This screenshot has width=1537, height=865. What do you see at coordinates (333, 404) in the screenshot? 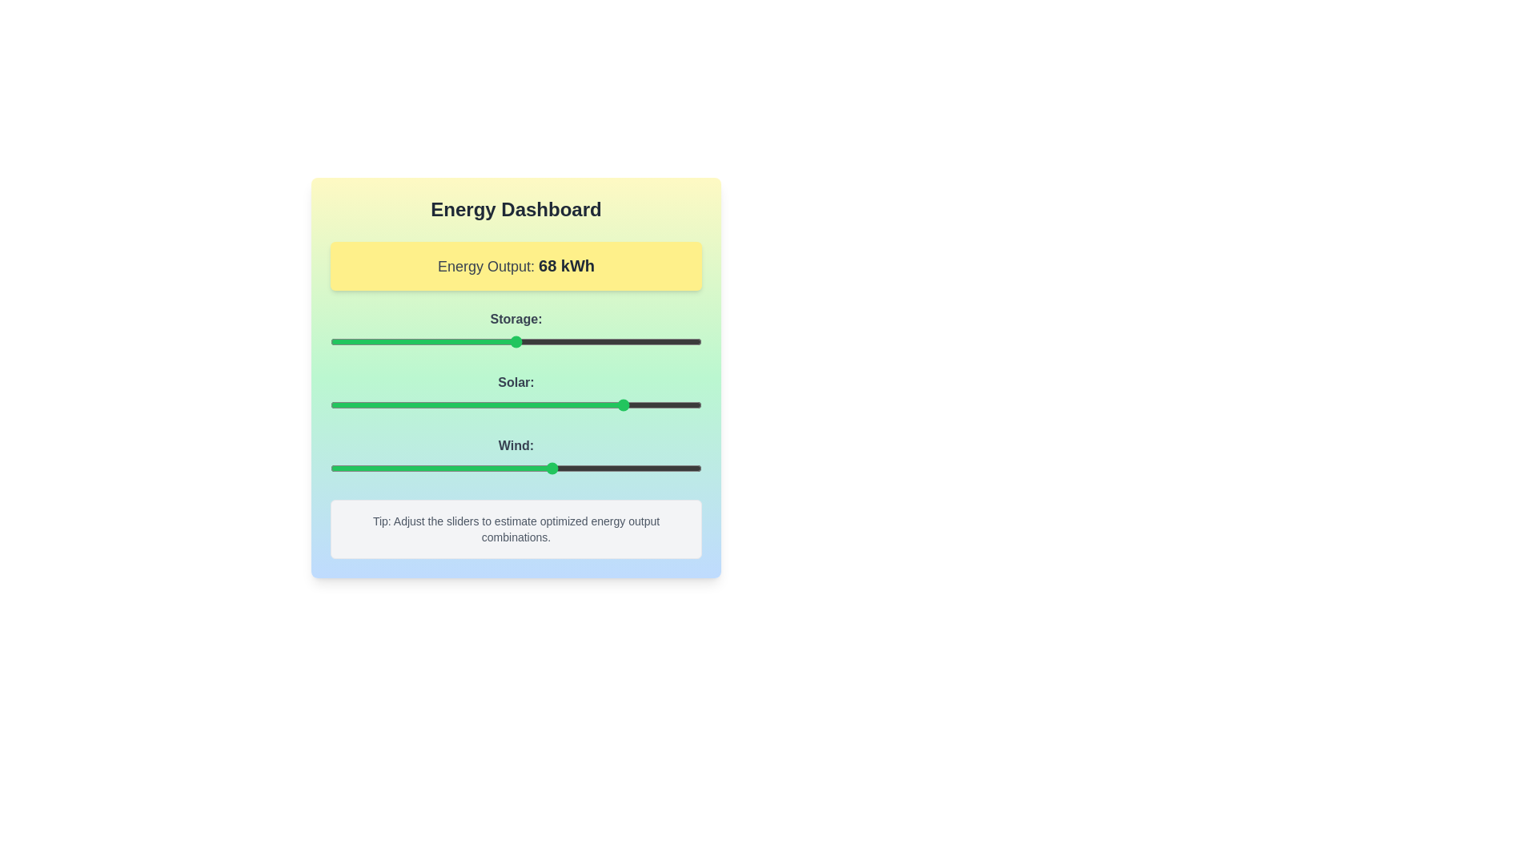
I see `the 'Solar' slider to 1%` at bounding box center [333, 404].